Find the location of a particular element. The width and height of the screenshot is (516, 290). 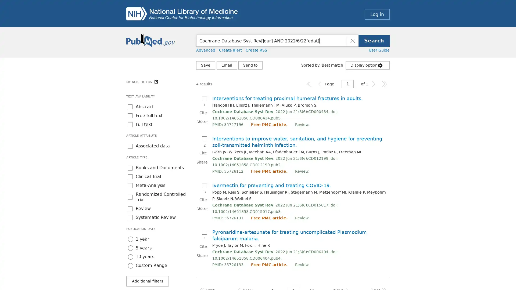

Display options is located at coordinates (367, 65).